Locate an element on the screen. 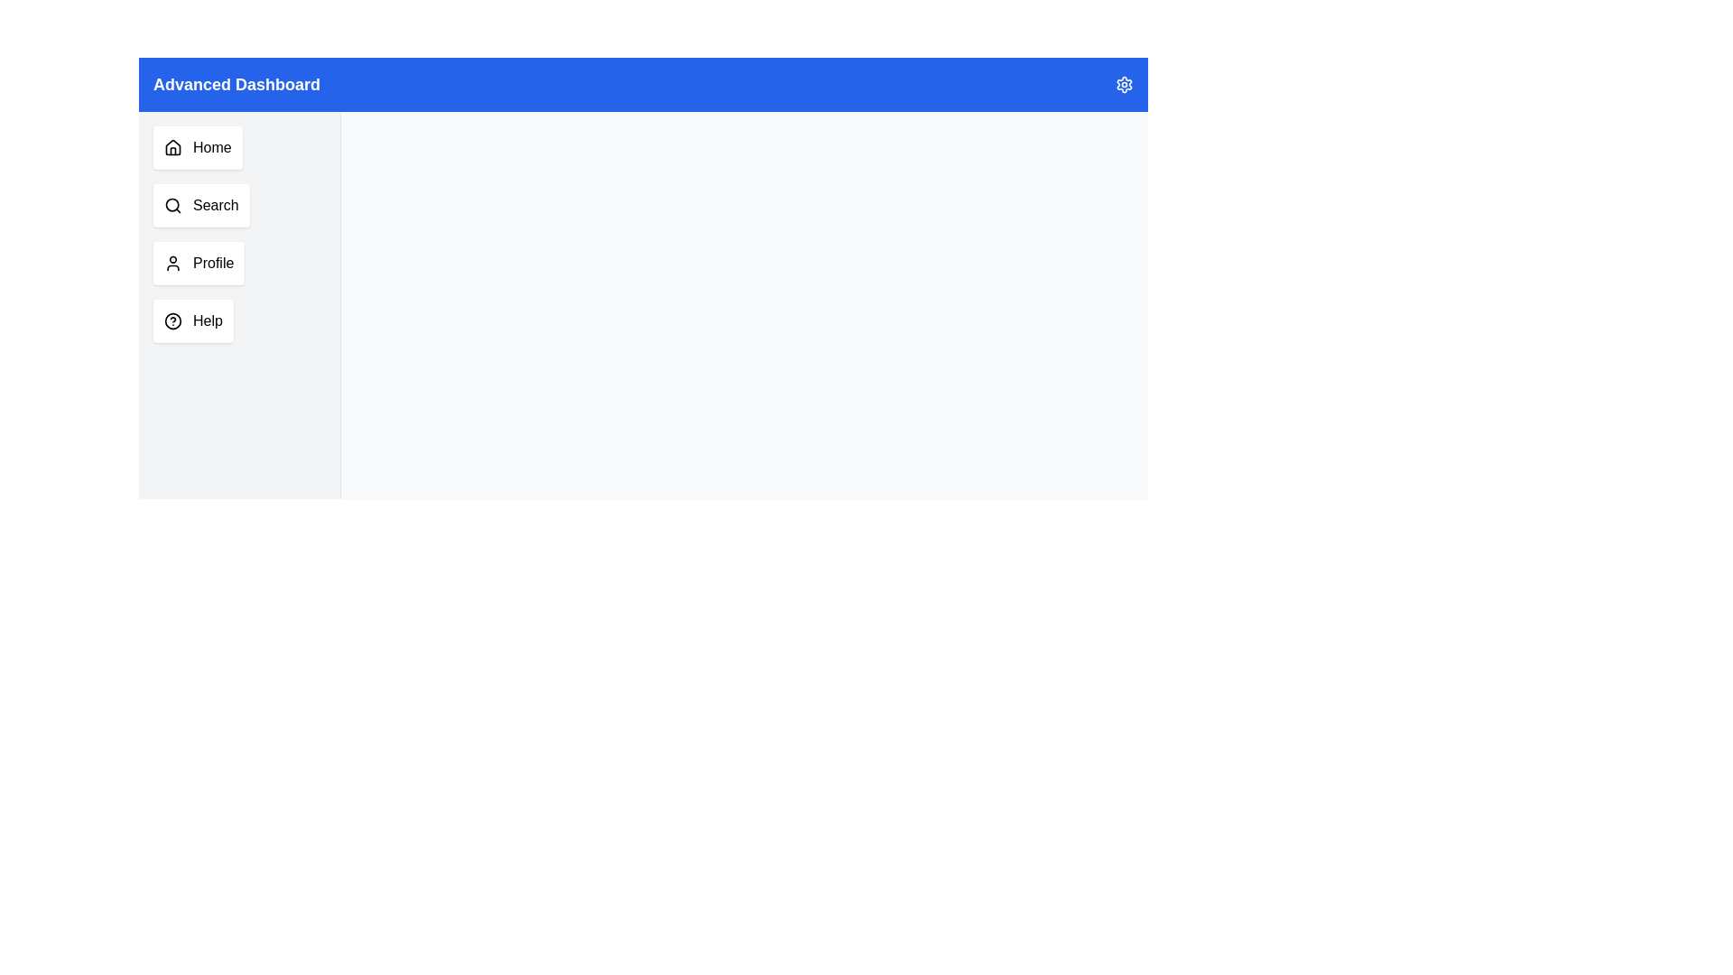 The height and width of the screenshot is (975, 1733). the 'Home' button located at the top of the left-side menu panel is located at coordinates (198, 147).